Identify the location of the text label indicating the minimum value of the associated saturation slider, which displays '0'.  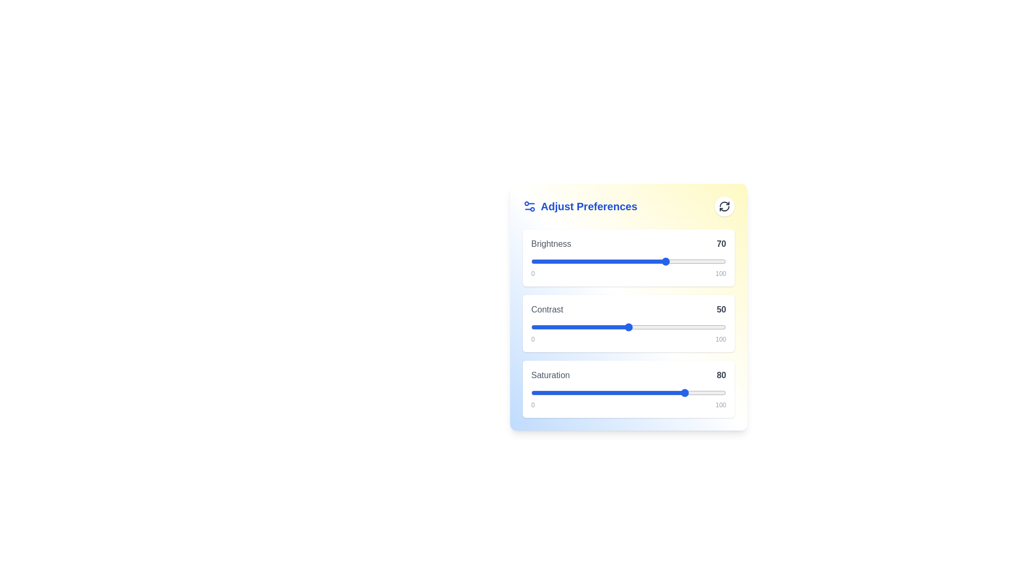
(533, 405).